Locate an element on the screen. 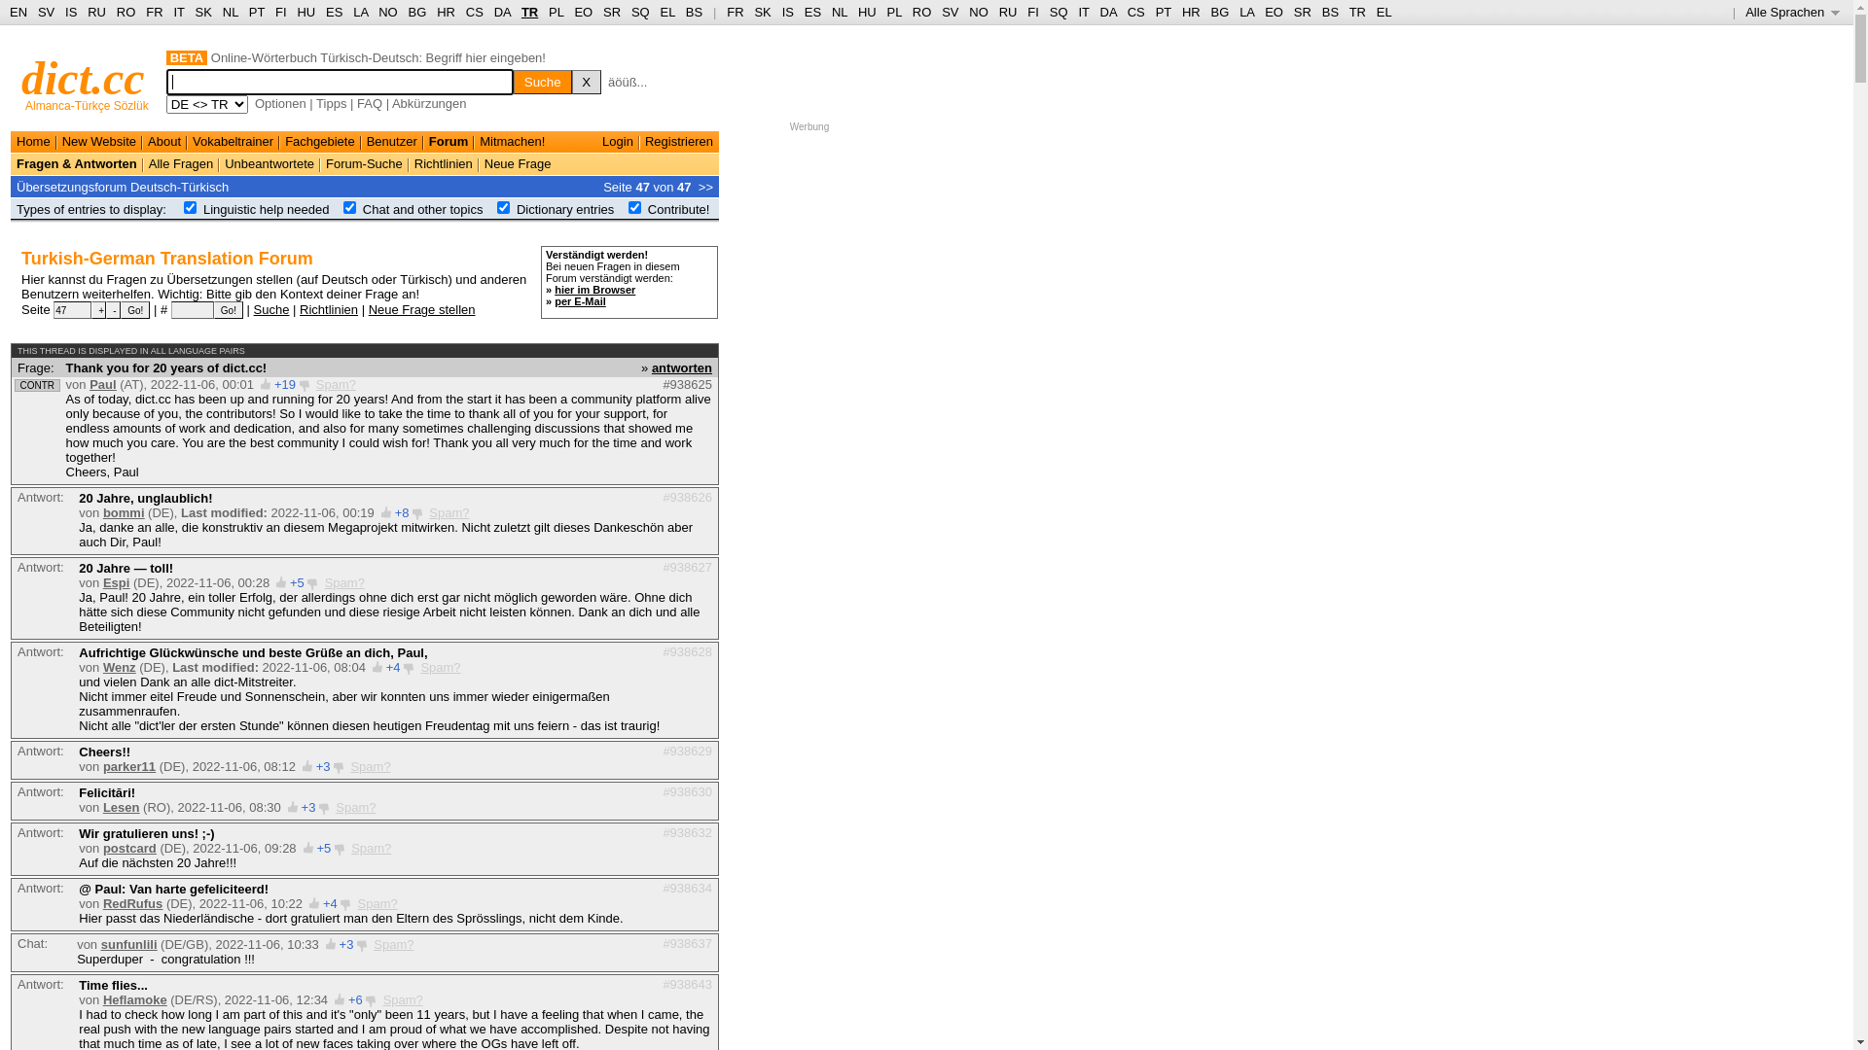 The width and height of the screenshot is (1868, 1050). 'SQ' is located at coordinates (640, 12).